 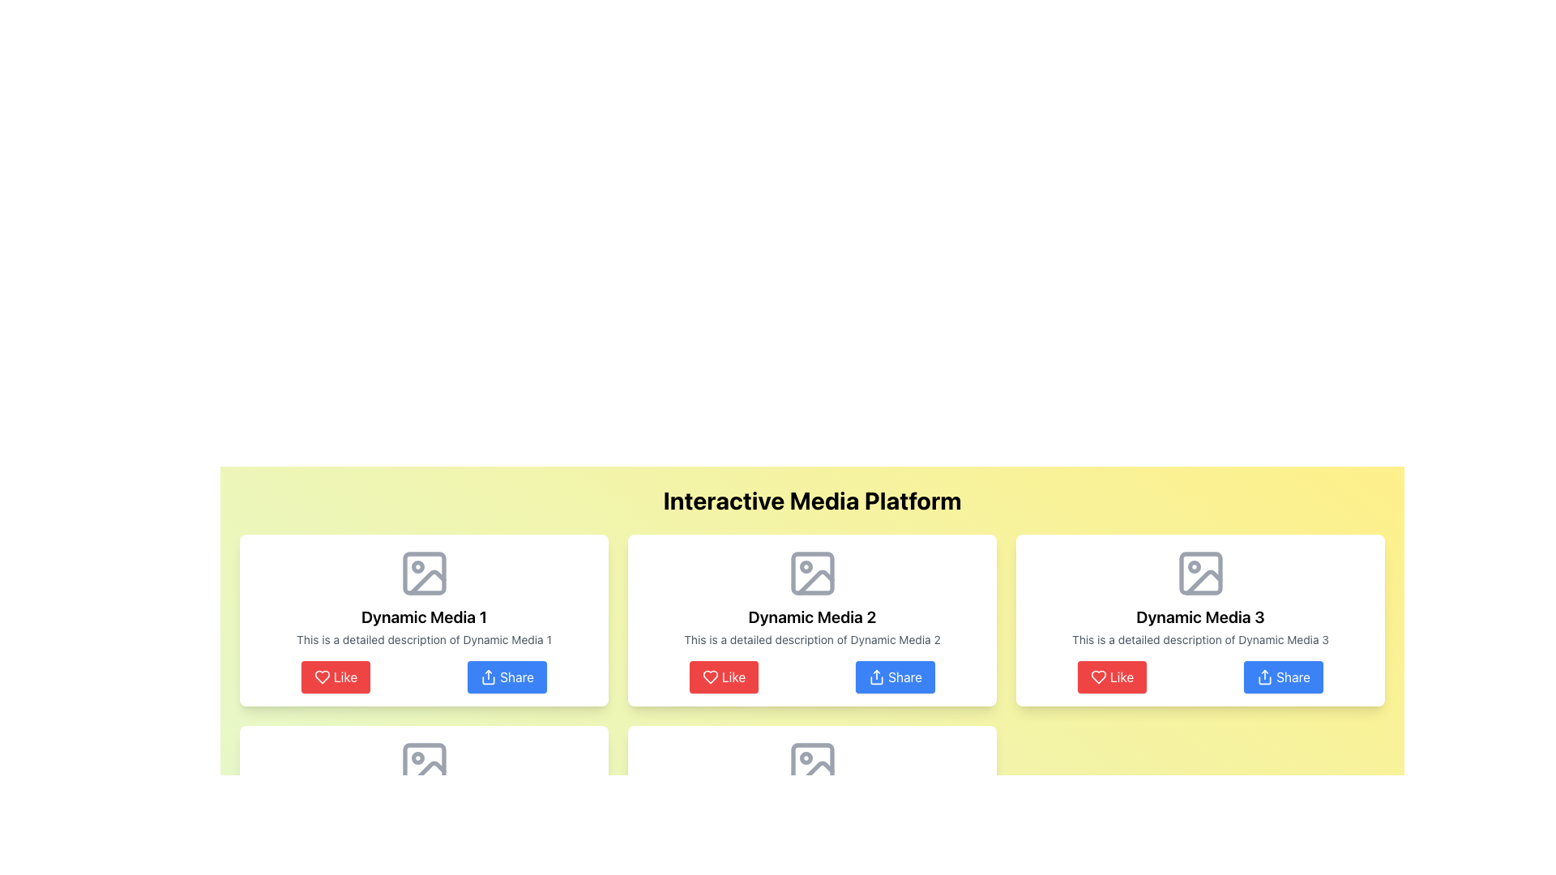 I want to click on text contained in the Content Card titled 'Dynamic Media 2', which includes a detailed description beneath it, so click(x=812, y=597).